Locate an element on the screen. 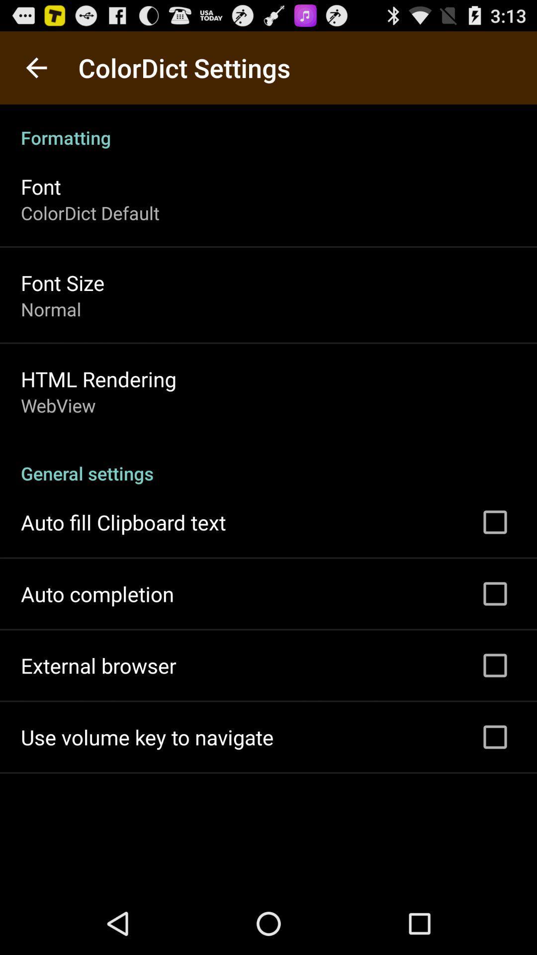 The width and height of the screenshot is (537, 955). webview is located at coordinates (58, 405).